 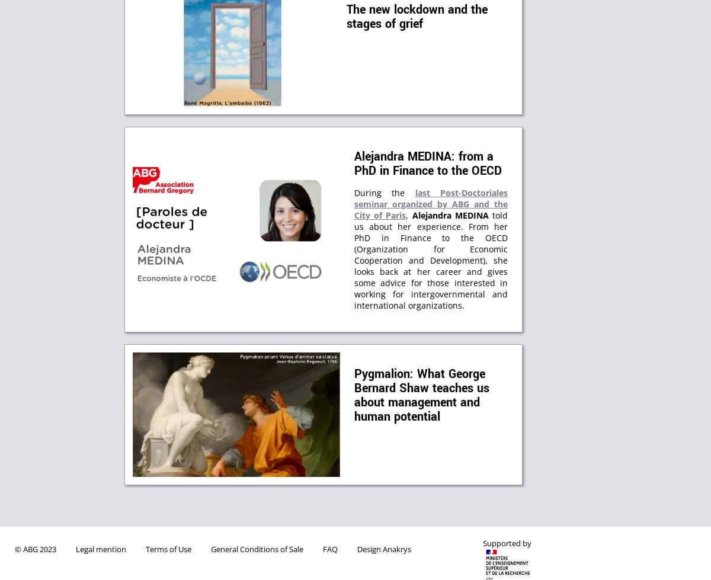 I want to click on '© ABG 2023', so click(x=36, y=549).